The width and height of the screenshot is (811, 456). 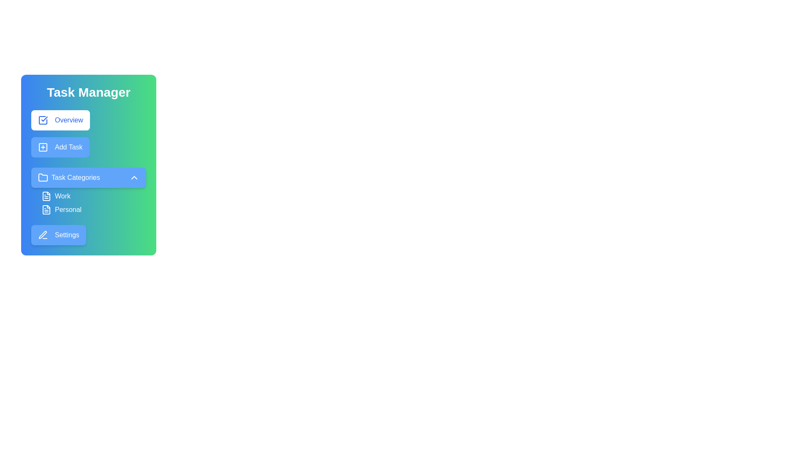 I want to click on text content of the 'Overview' label located in the sidebar menu next to the checkbox icon, so click(x=69, y=120).